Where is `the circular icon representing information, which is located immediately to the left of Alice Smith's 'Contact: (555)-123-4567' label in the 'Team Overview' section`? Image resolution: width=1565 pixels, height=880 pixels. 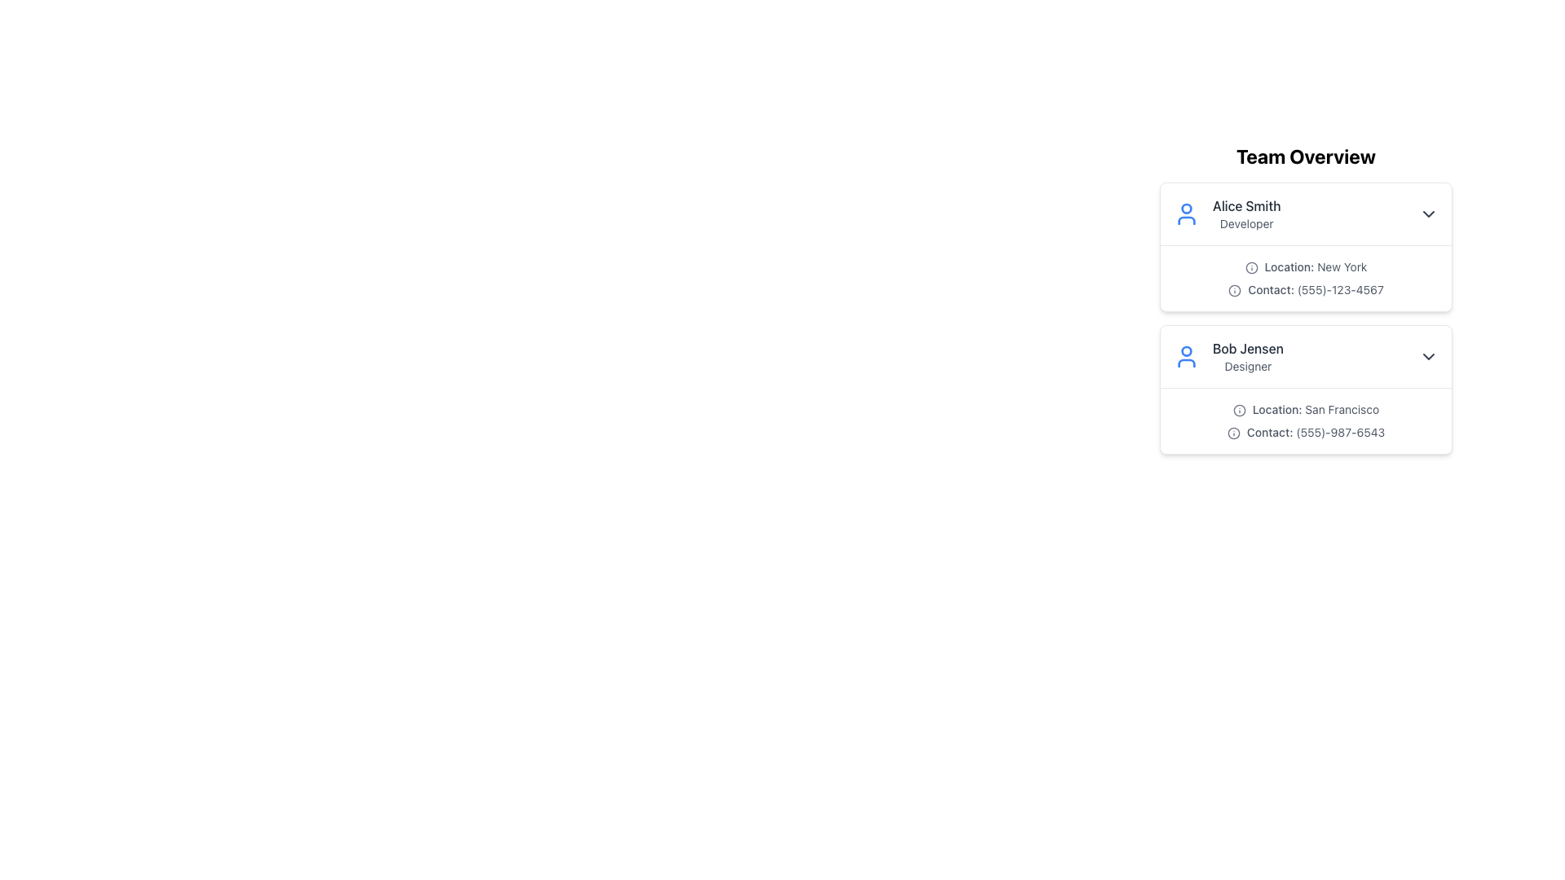 the circular icon representing information, which is located immediately to the left of Alice Smith's 'Contact: (555)-123-4567' label in the 'Team Overview' section is located at coordinates (1235, 290).